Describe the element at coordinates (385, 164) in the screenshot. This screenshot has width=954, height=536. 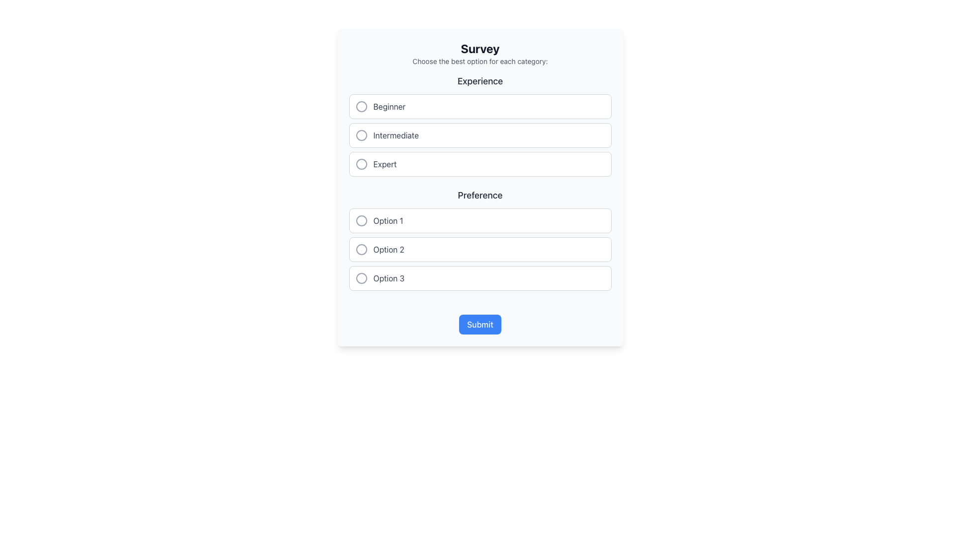
I see `'Expert' label in the 'Experience' category of the survey, which visually represents the option but is non-interactive` at that location.